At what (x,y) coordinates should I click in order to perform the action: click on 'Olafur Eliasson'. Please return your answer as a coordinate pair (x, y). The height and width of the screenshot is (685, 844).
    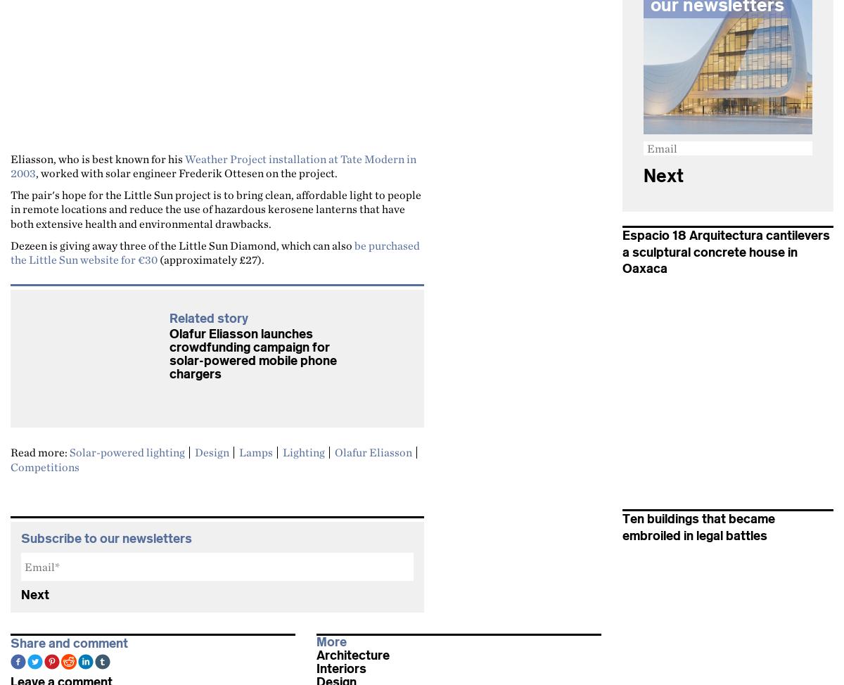
    Looking at the image, I should click on (373, 452).